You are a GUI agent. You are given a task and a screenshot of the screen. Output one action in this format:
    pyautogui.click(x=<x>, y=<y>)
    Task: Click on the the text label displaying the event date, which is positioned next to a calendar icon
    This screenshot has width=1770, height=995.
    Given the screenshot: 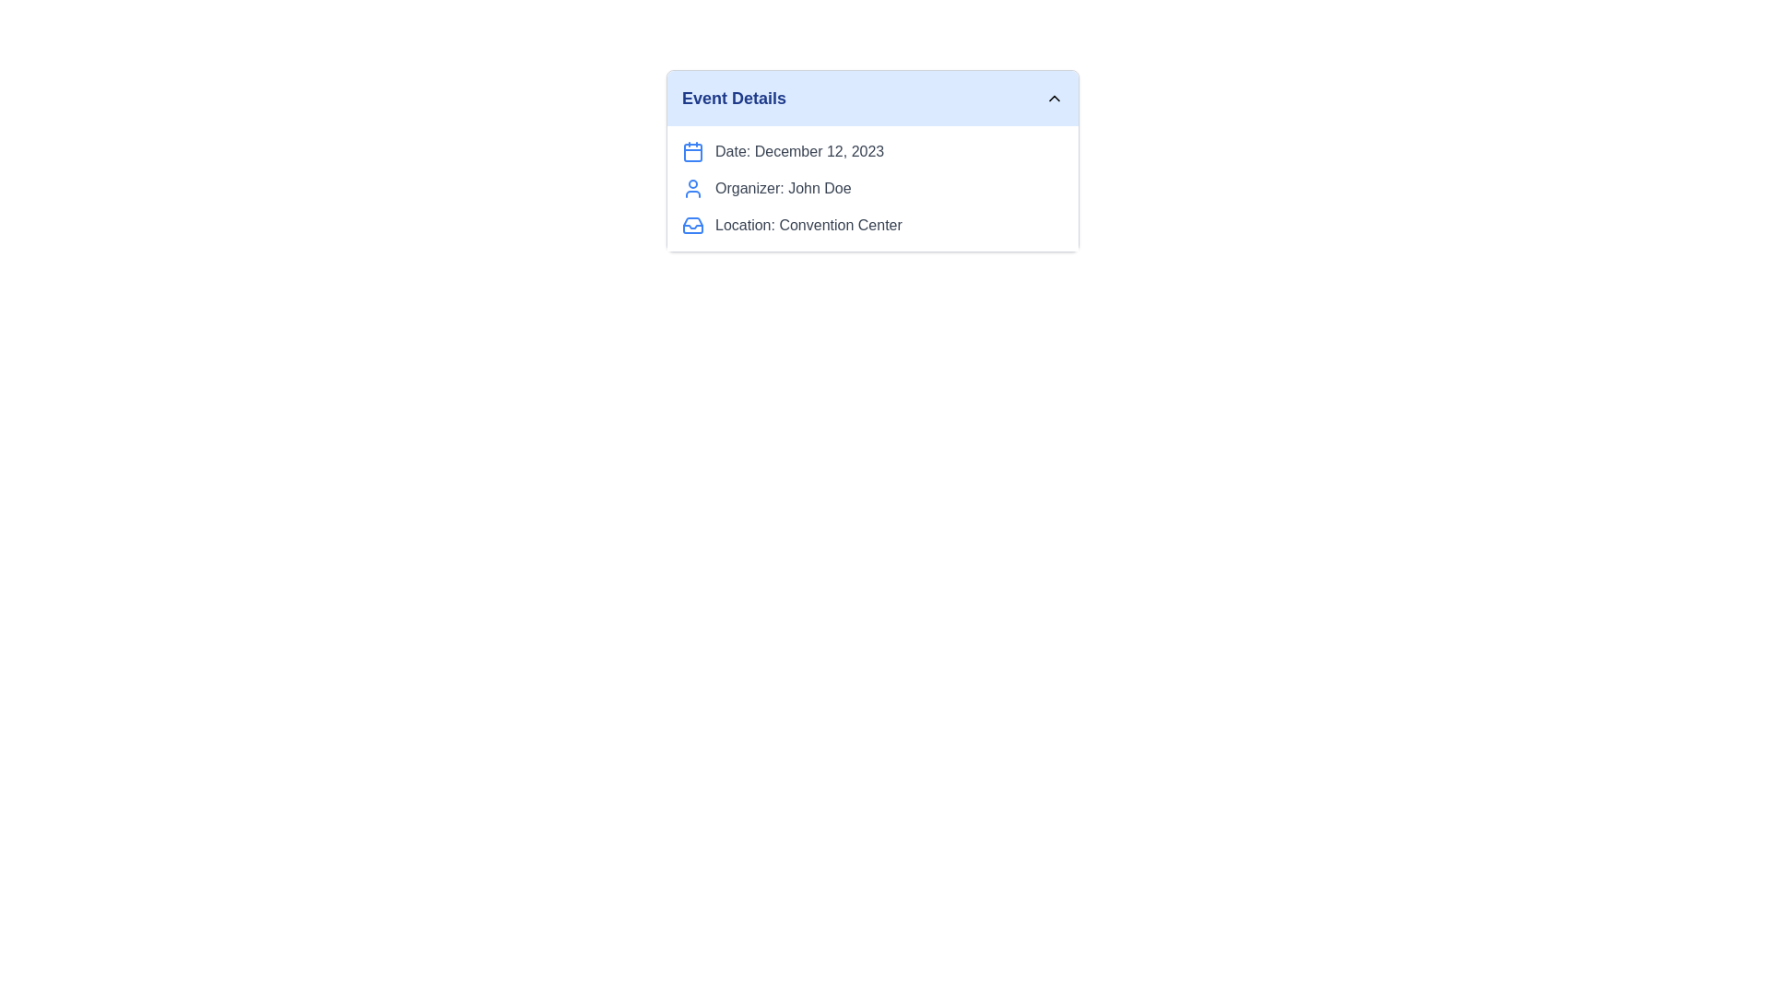 What is the action you would take?
    pyautogui.click(x=799, y=151)
    